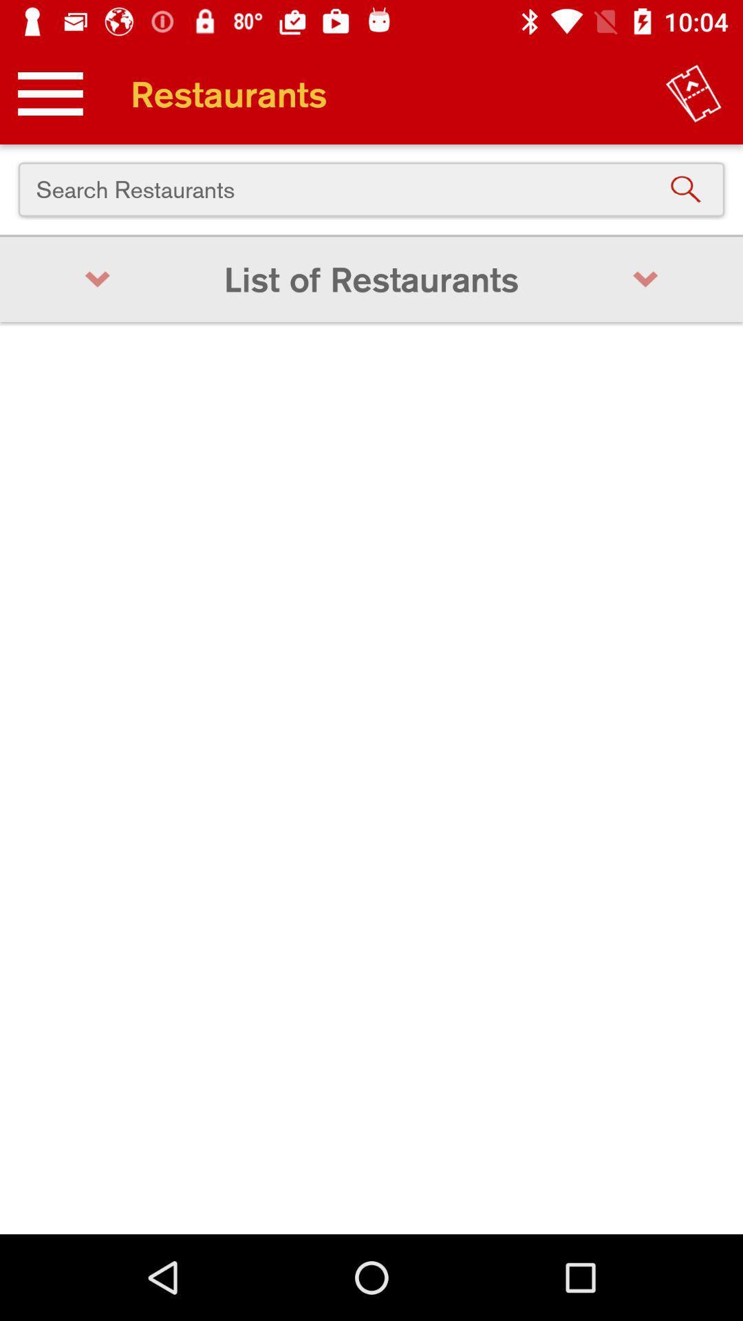 Image resolution: width=743 pixels, height=1321 pixels. What do you see at coordinates (50, 93) in the screenshot?
I see `the icon above the search restaurants` at bounding box center [50, 93].